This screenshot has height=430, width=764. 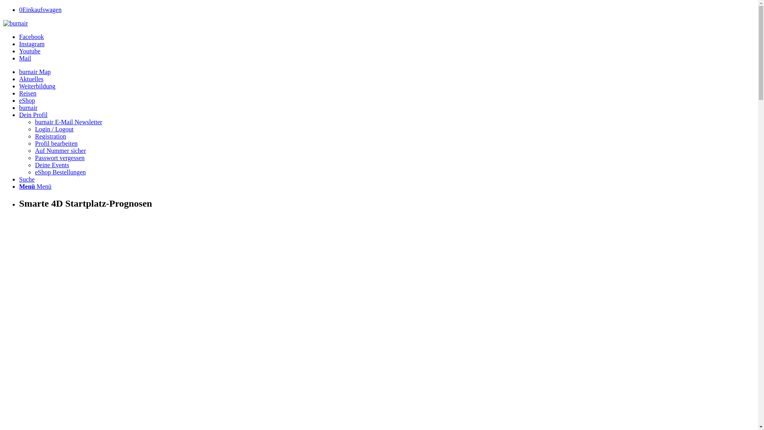 What do you see at coordinates (40, 10) in the screenshot?
I see `'0Einkaufswagen'` at bounding box center [40, 10].